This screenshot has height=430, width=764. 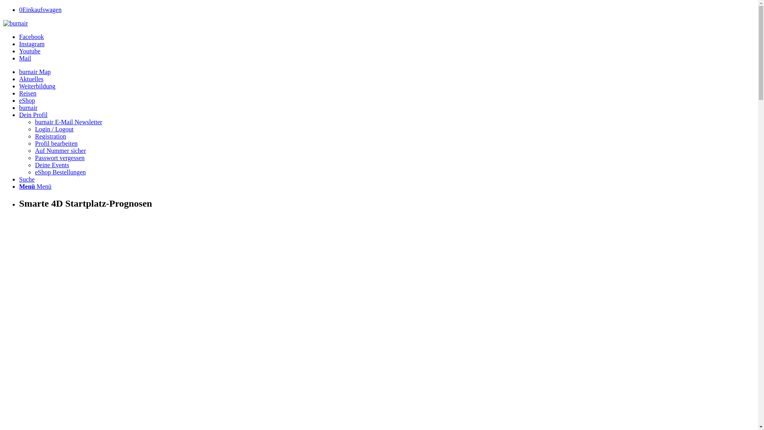 What do you see at coordinates (40, 10) in the screenshot?
I see `'0Einkaufswagen'` at bounding box center [40, 10].